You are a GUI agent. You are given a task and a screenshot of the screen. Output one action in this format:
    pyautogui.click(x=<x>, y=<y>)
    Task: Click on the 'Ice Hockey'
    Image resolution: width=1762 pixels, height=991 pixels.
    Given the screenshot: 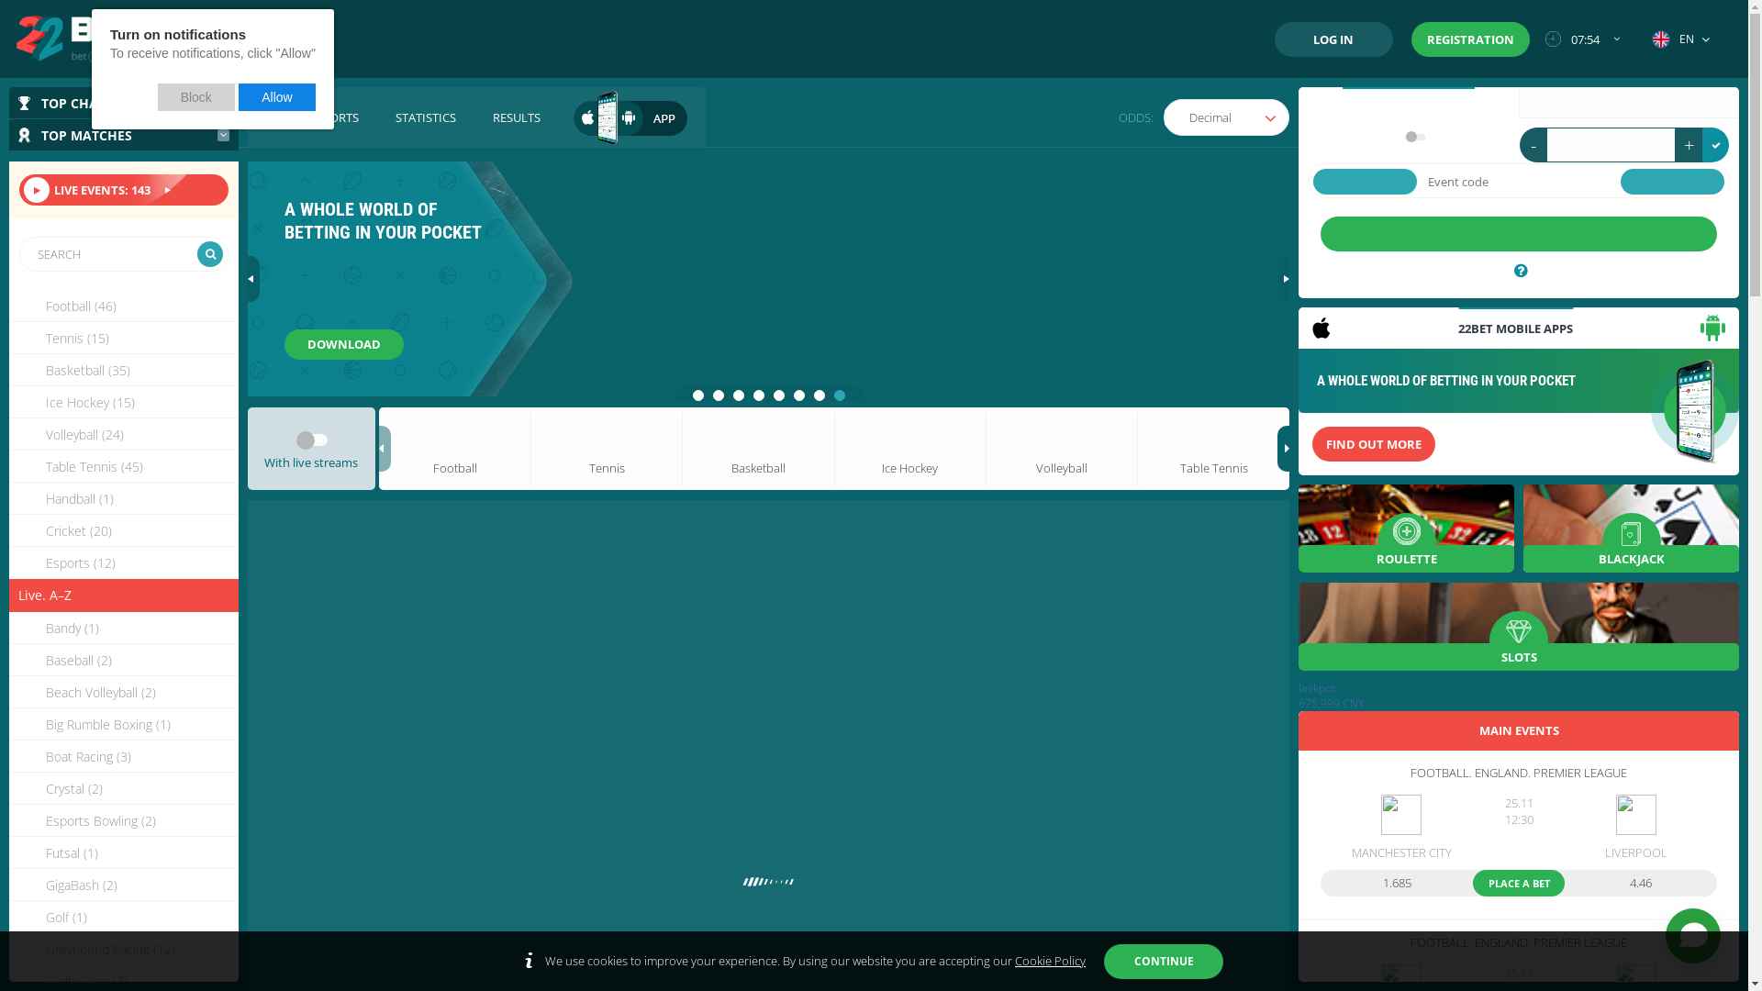 What is the action you would take?
    pyautogui.click(x=832, y=449)
    